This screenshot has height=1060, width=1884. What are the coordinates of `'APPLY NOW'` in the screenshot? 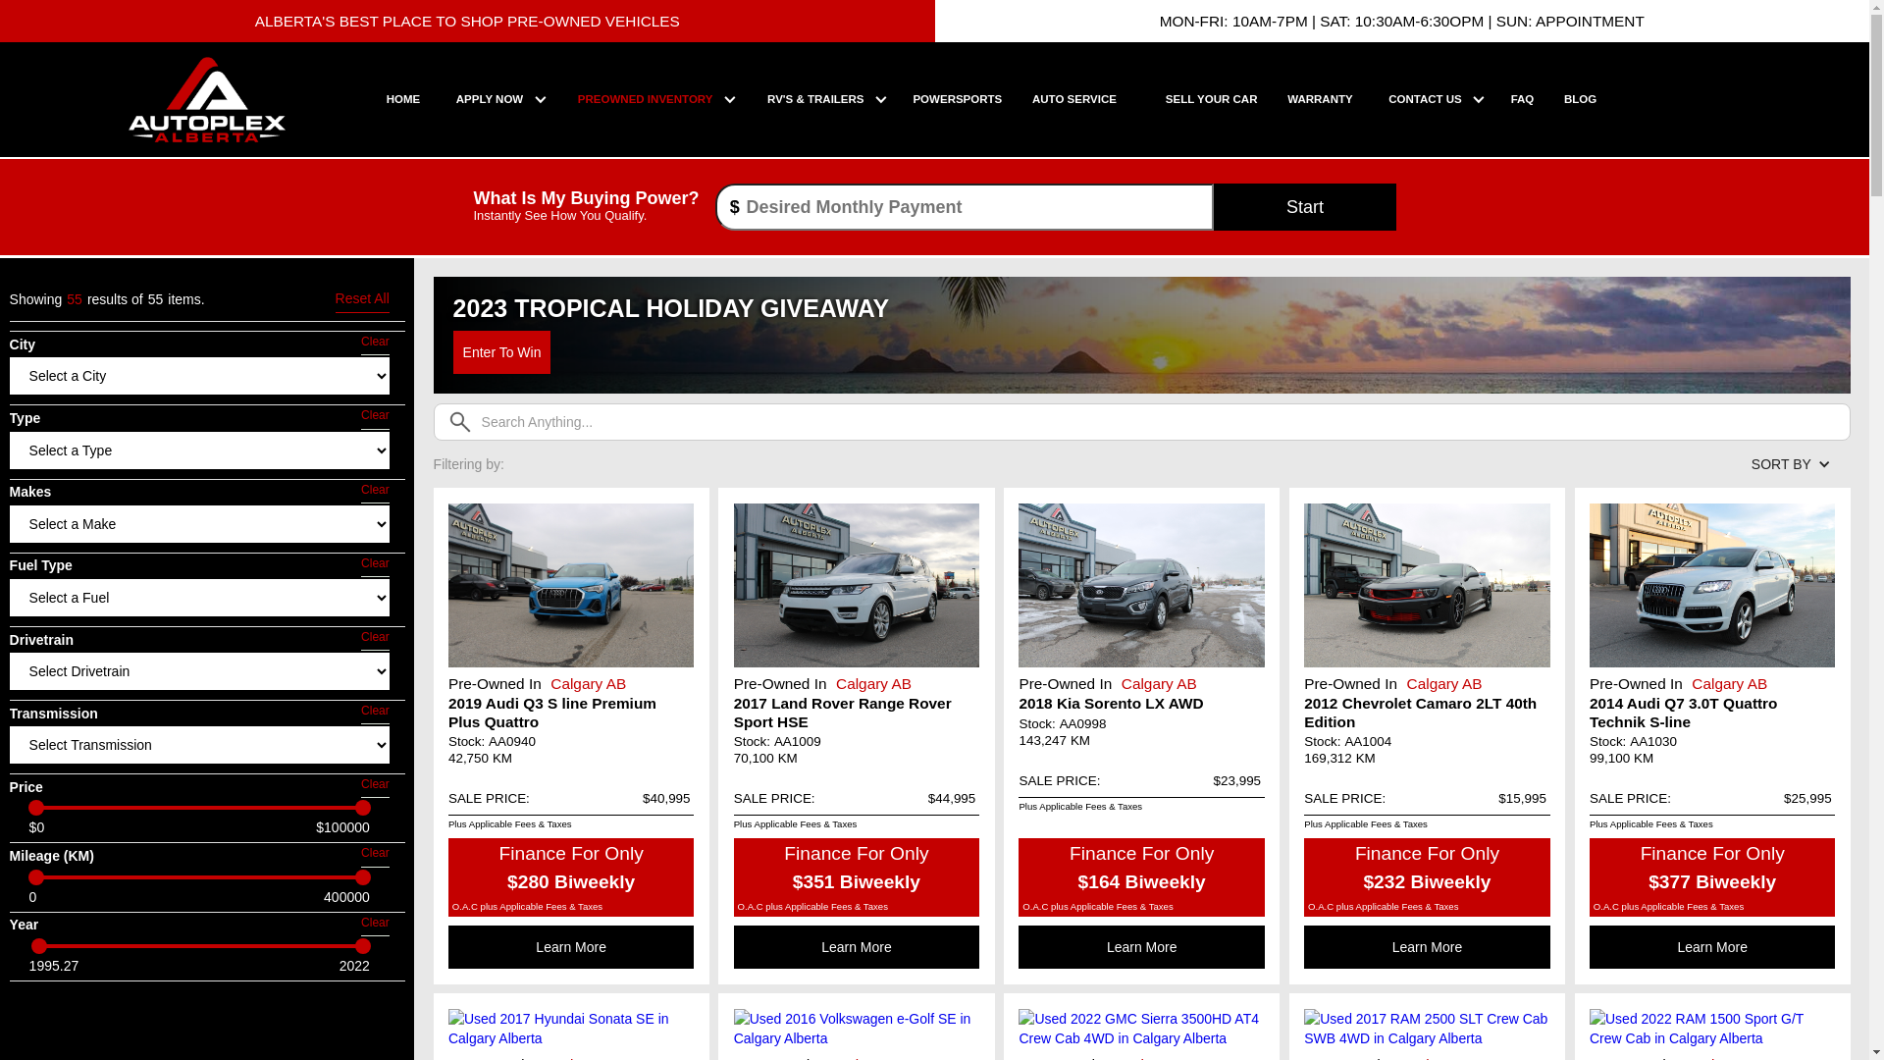 It's located at (490, 99).